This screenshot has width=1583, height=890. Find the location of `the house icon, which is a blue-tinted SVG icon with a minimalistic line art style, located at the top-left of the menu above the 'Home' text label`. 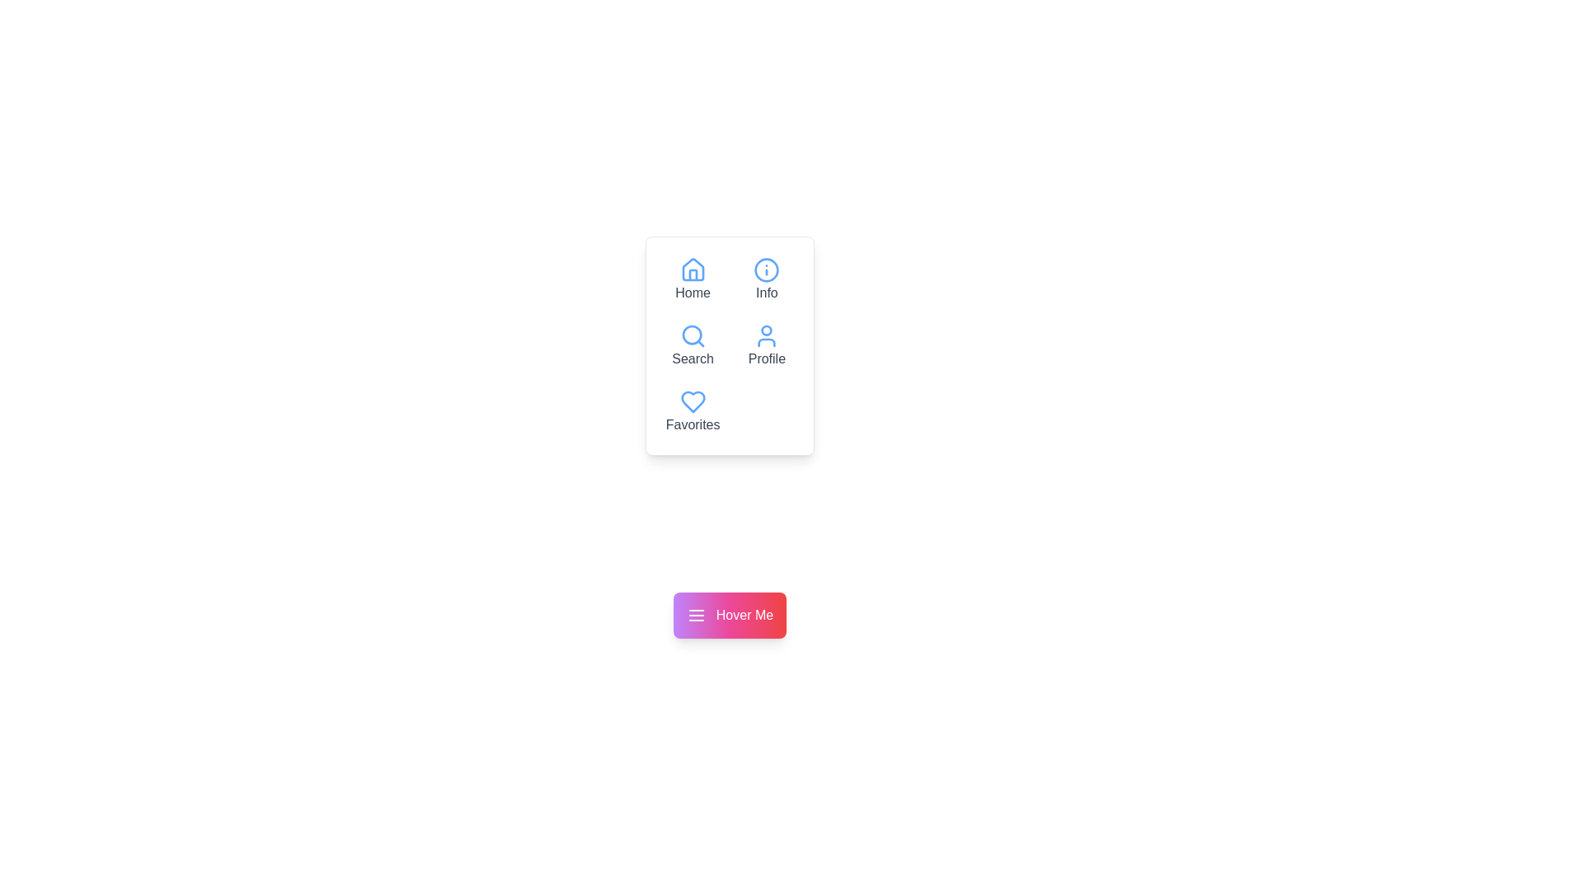

the house icon, which is a blue-tinted SVG icon with a minimalistic line art style, located at the top-left of the menu above the 'Home' text label is located at coordinates (693, 269).